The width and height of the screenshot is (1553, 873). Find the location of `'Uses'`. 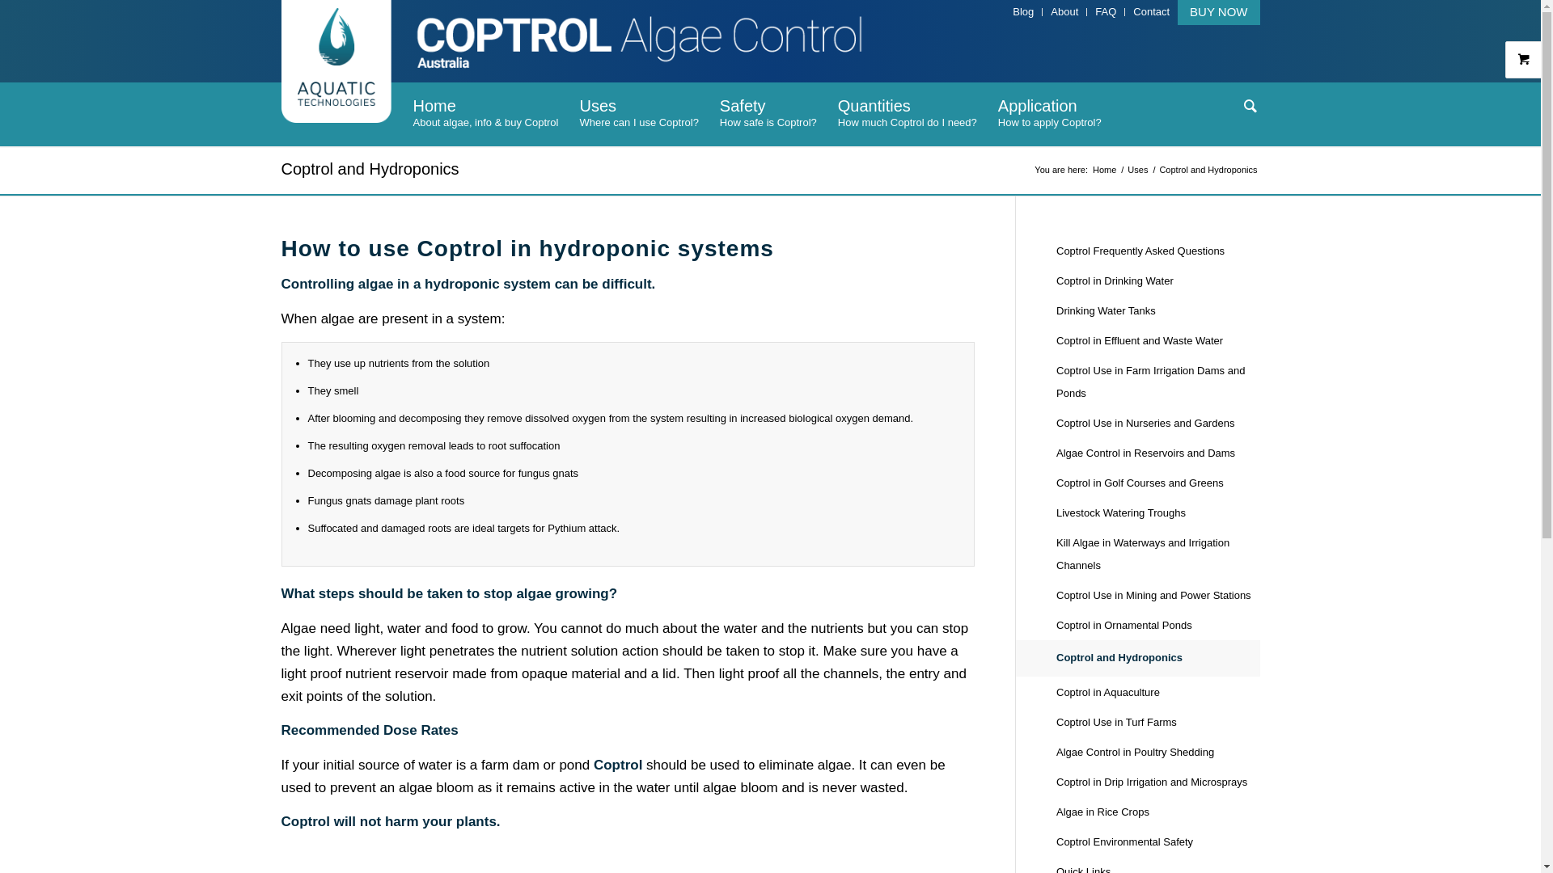

'Uses' is located at coordinates (637, 113).